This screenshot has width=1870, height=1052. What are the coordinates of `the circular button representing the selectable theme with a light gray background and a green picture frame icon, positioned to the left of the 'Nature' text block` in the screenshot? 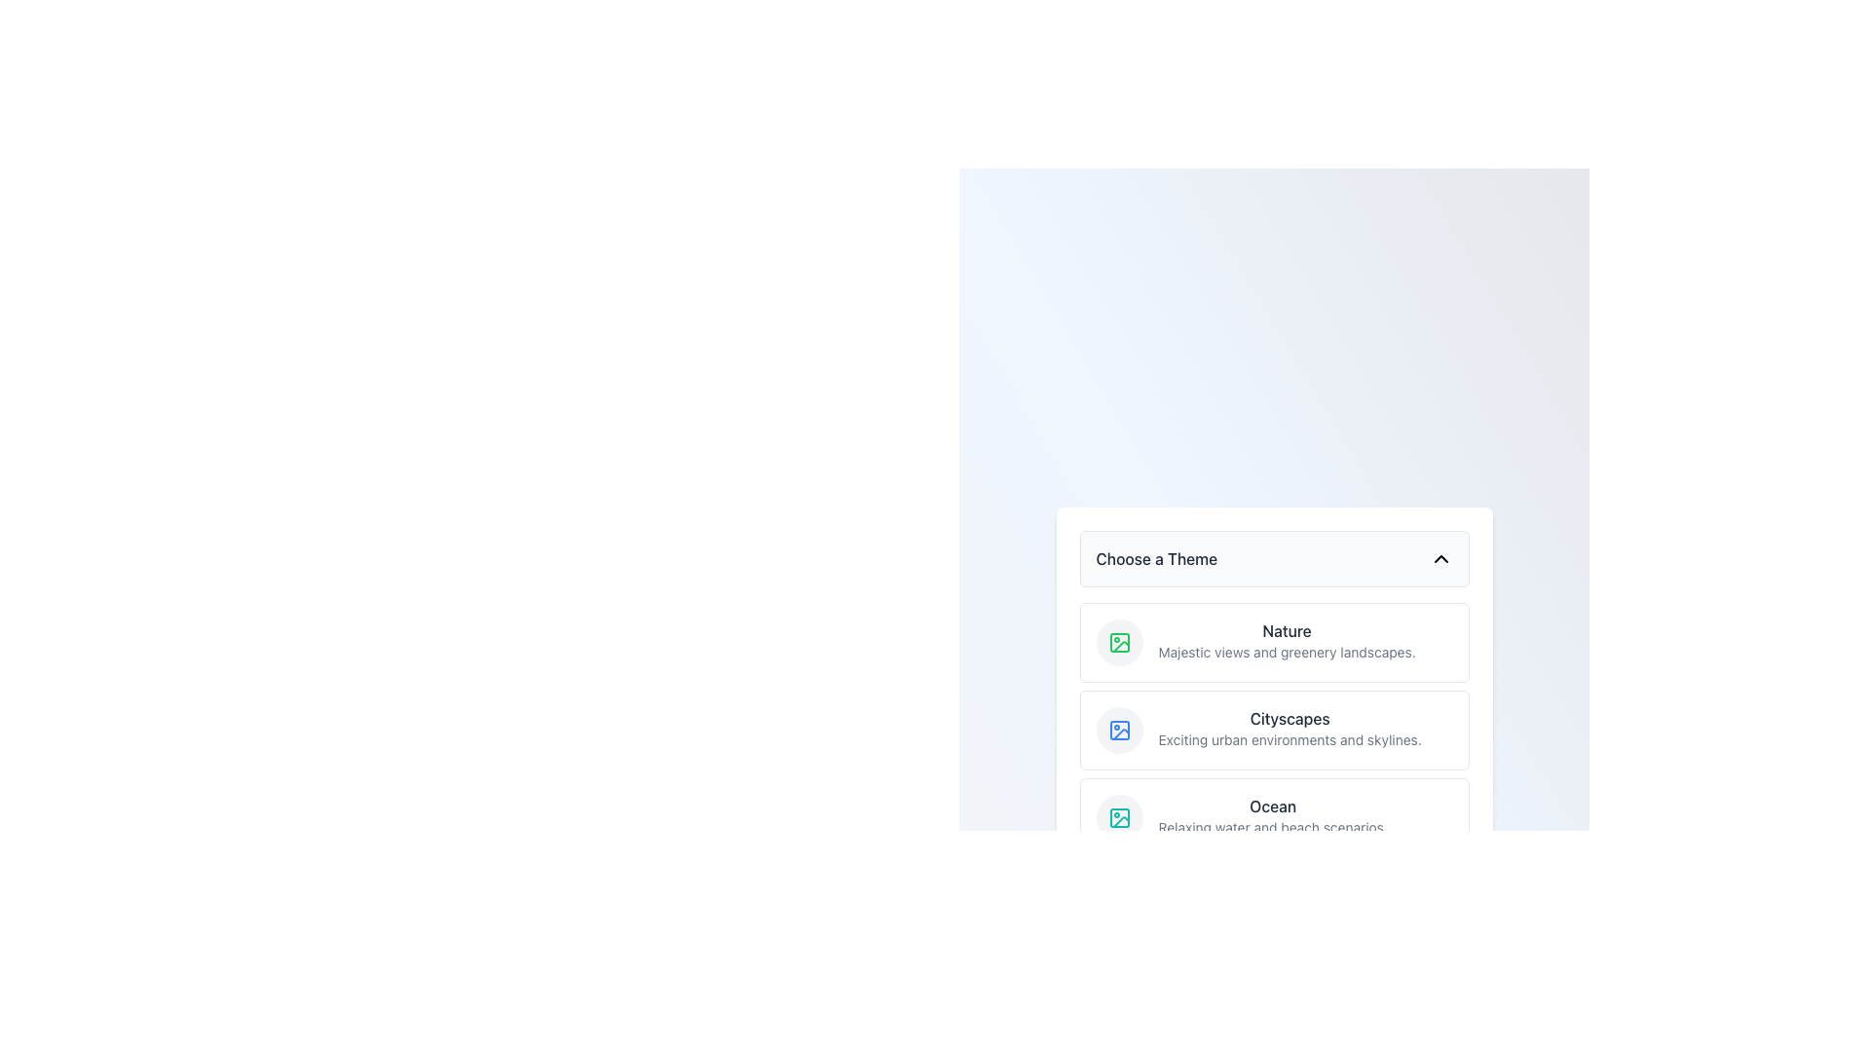 It's located at (1119, 642).